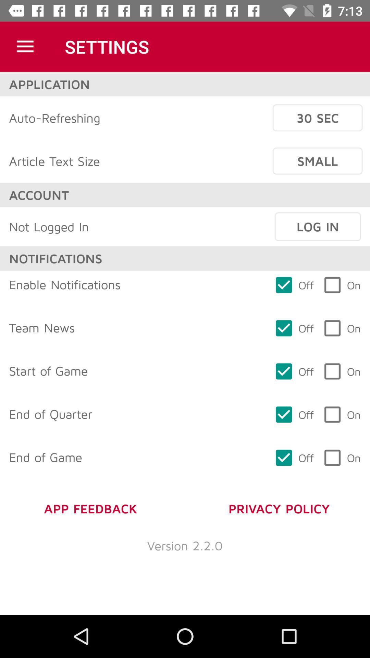 This screenshot has width=370, height=658. I want to click on the item above application, so click(25, 46).